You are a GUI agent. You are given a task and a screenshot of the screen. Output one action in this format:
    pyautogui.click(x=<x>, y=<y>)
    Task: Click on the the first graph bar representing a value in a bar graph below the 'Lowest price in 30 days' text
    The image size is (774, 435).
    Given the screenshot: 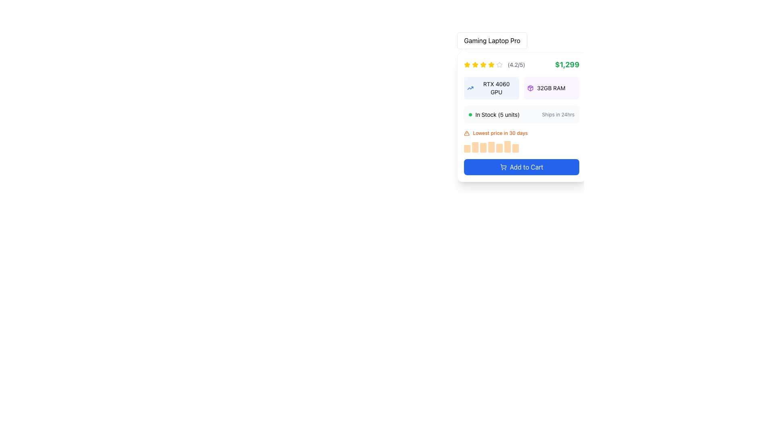 What is the action you would take?
    pyautogui.click(x=467, y=149)
    